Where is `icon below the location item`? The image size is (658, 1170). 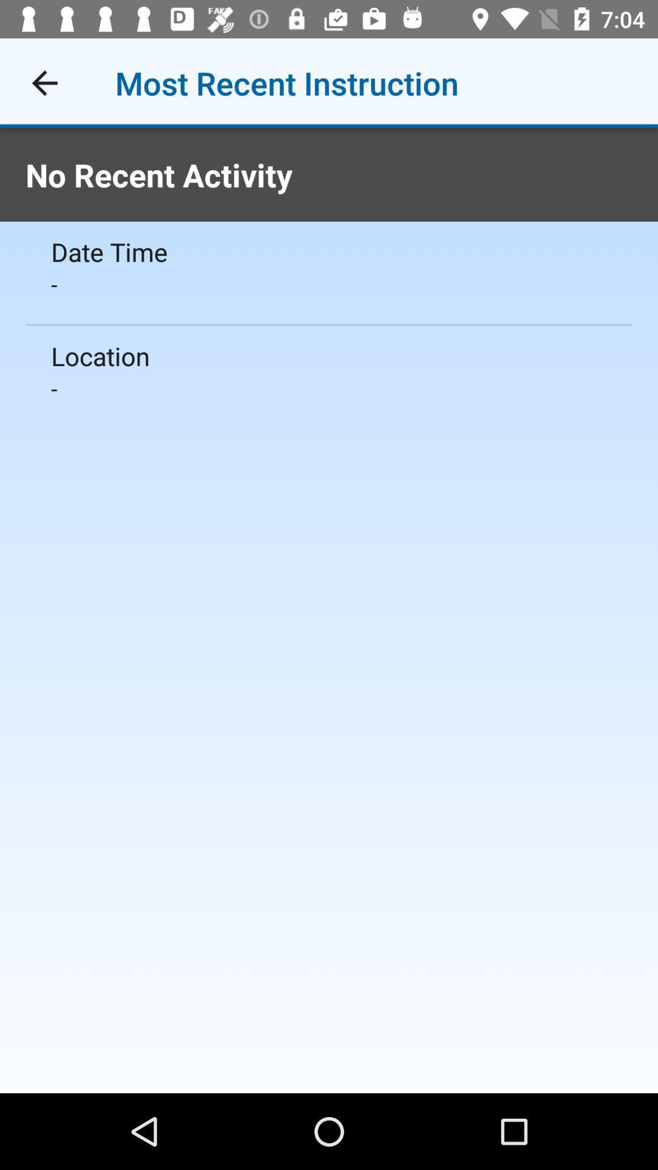 icon below the location item is located at coordinates (329, 388).